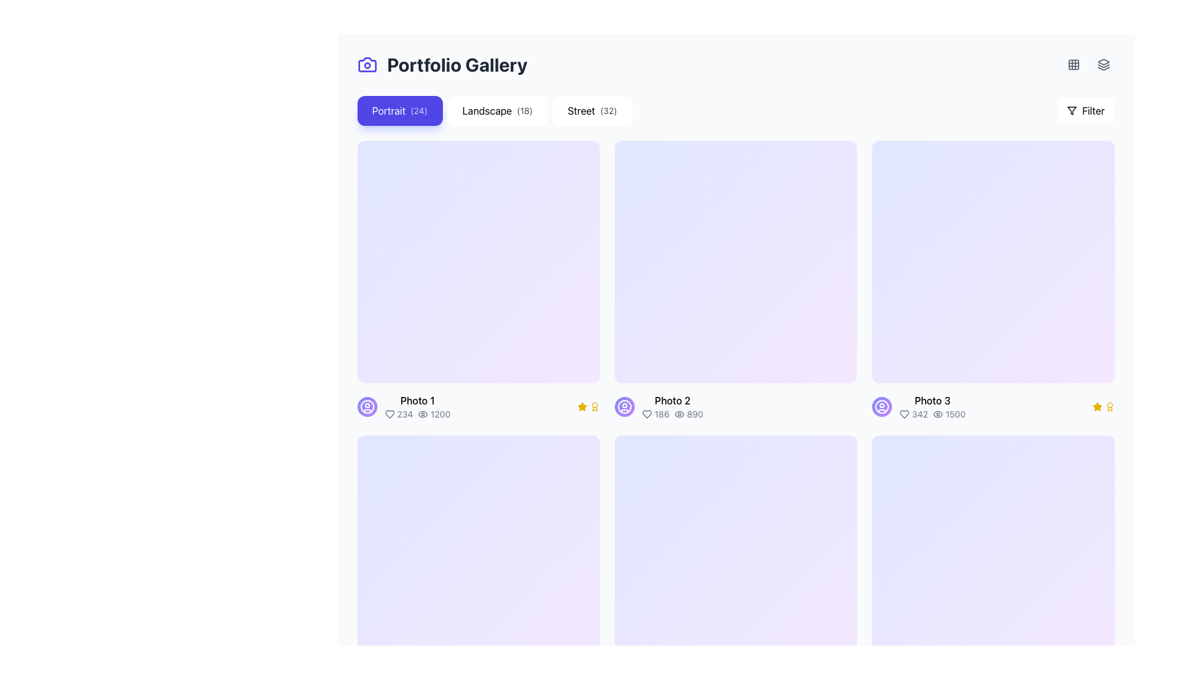 The width and height of the screenshot is (1196, 673). Describe the element at coordinates (417, 407) in the screenshot. I see `the information panel text for the first photo in the gallery to trigger additional effects` at that location.